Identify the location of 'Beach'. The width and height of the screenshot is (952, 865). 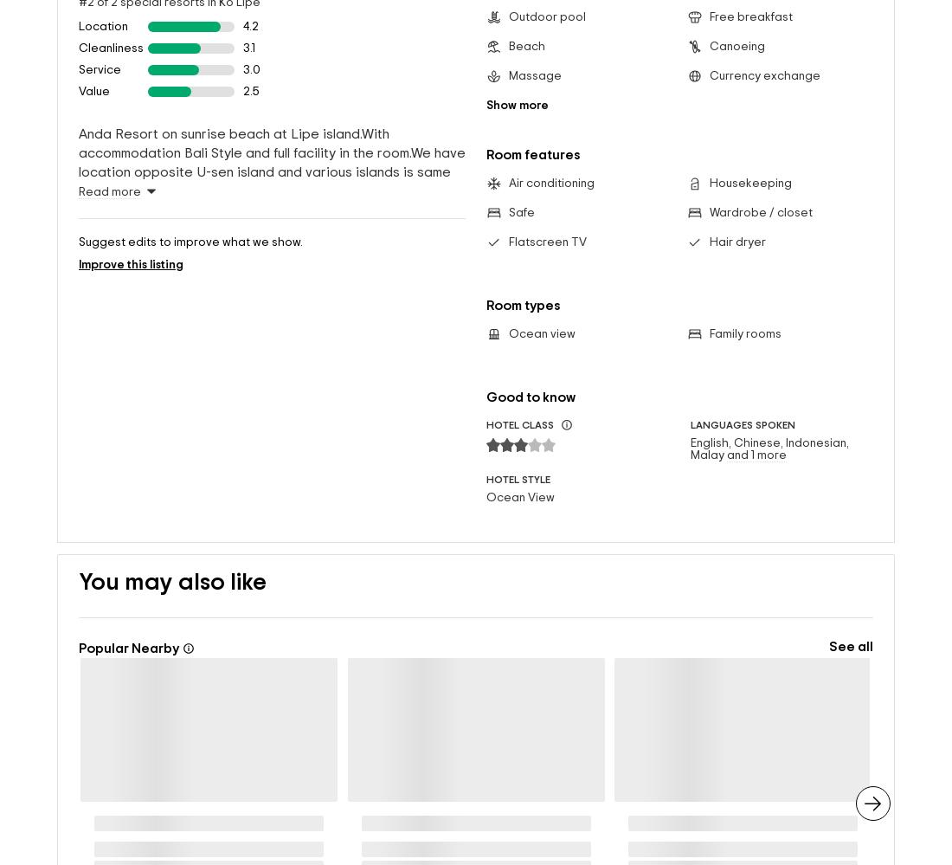
(525, 18).